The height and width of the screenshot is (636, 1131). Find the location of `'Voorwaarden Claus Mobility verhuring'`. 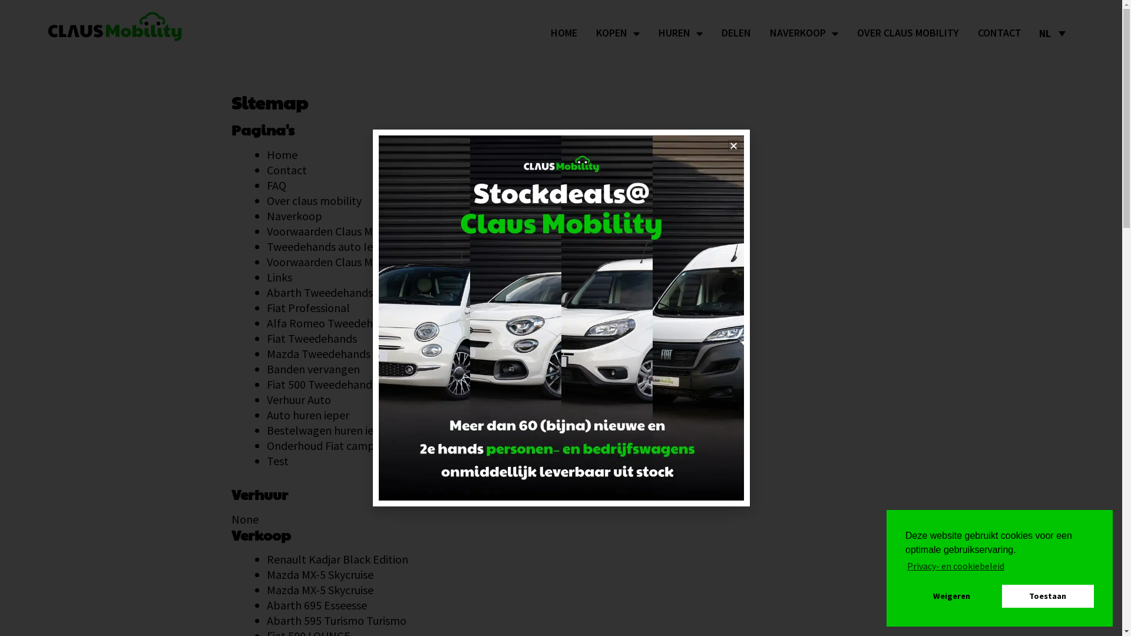

'Voorwaarden Claus Mobility verhuring' is located at coordinates (359, 231).